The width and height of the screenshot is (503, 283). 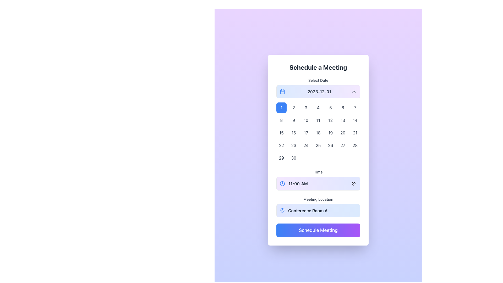 I want to click on the pin icon located to the left of the 'Meeting Location' input field, which is associated with the text 'Conference Room A', so click(x=282, y=210).